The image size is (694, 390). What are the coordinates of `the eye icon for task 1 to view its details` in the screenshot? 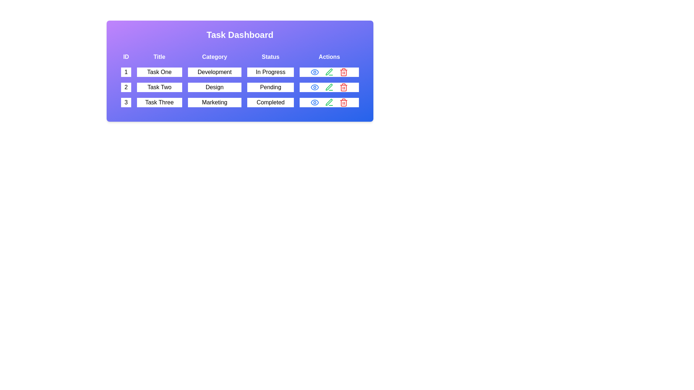 It's located at (315, 72).